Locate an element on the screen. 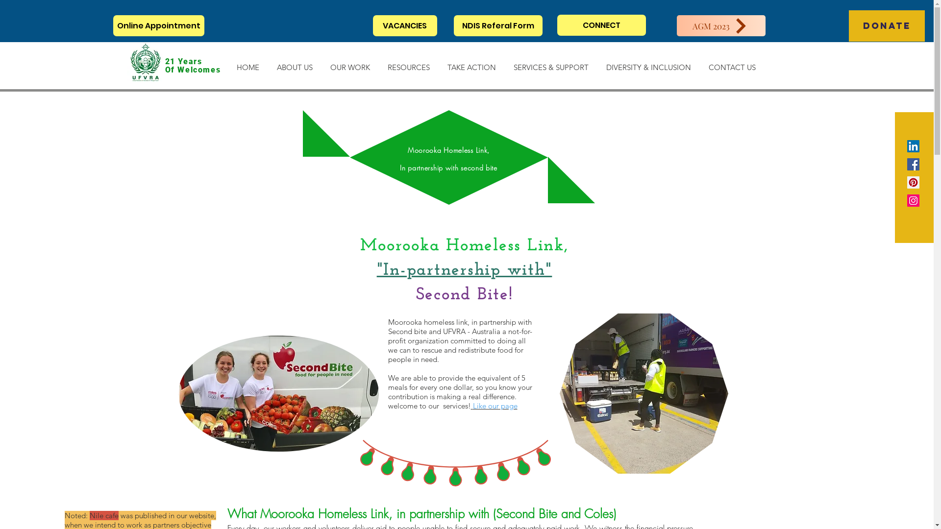  'CONTACT US' is located at coordinates (732, 63).